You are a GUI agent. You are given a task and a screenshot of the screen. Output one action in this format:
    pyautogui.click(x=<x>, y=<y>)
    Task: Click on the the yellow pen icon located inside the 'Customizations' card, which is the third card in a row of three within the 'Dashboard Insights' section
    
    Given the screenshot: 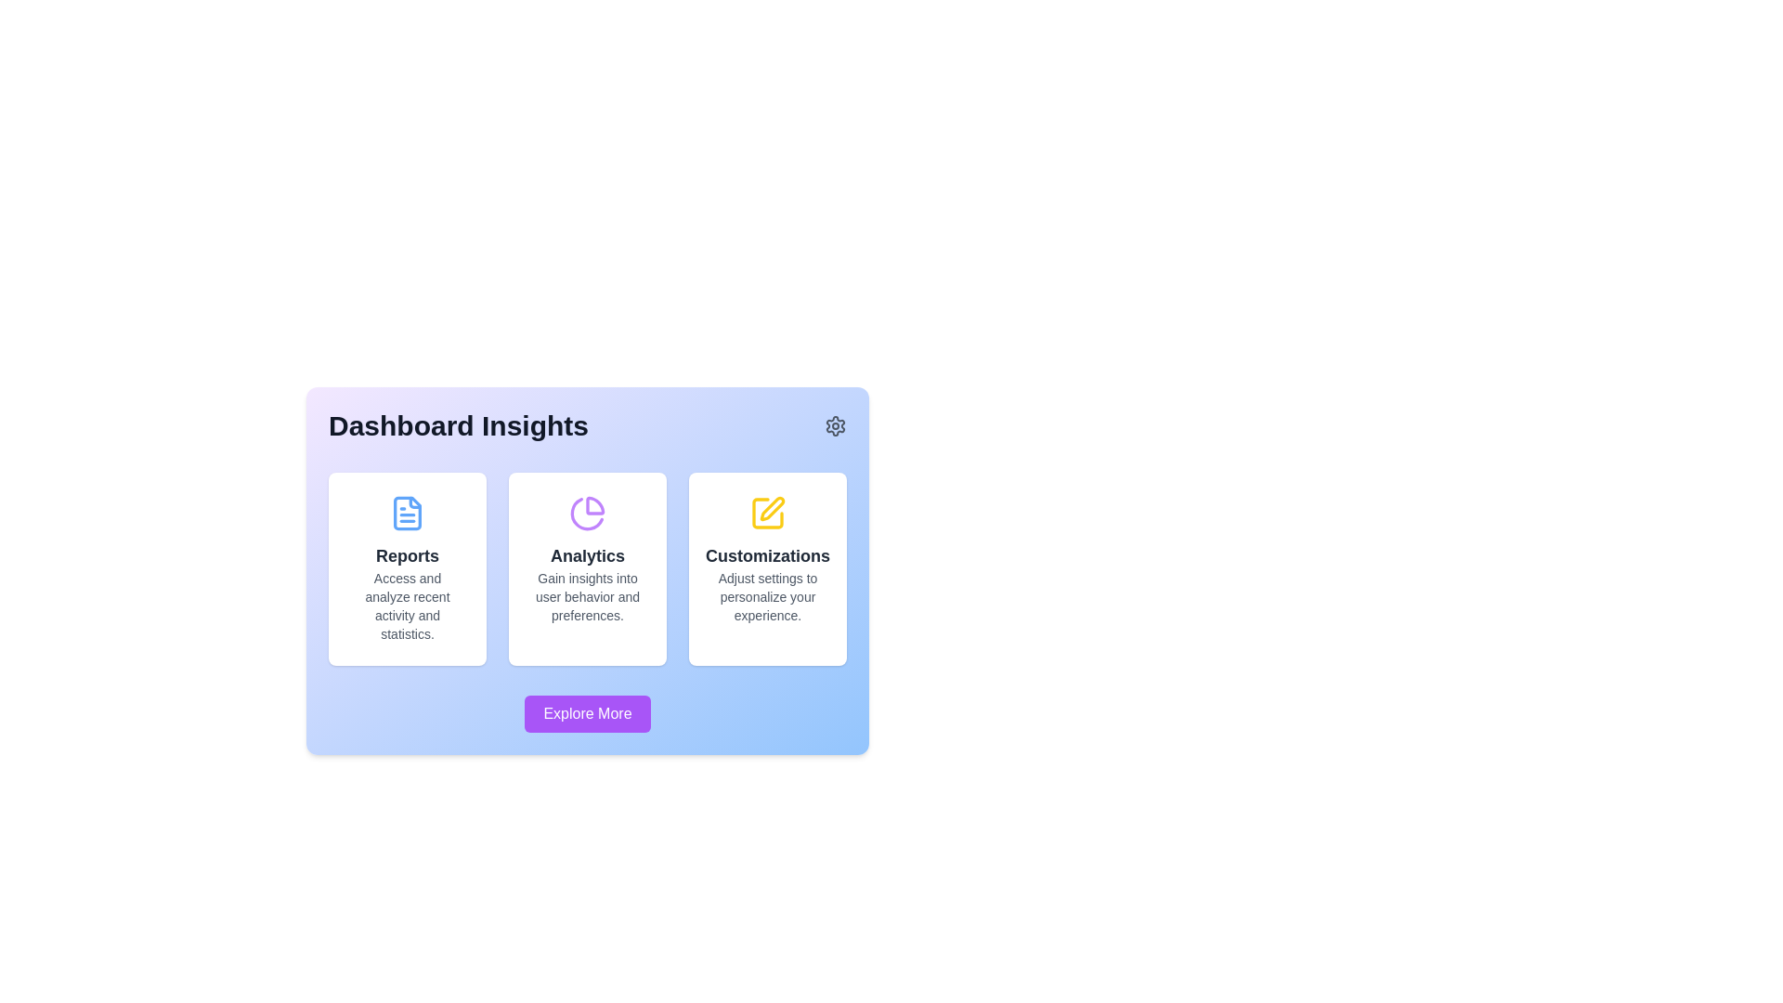 What is the action you would take?
    pyautogui.click(x=772, y=508)
    